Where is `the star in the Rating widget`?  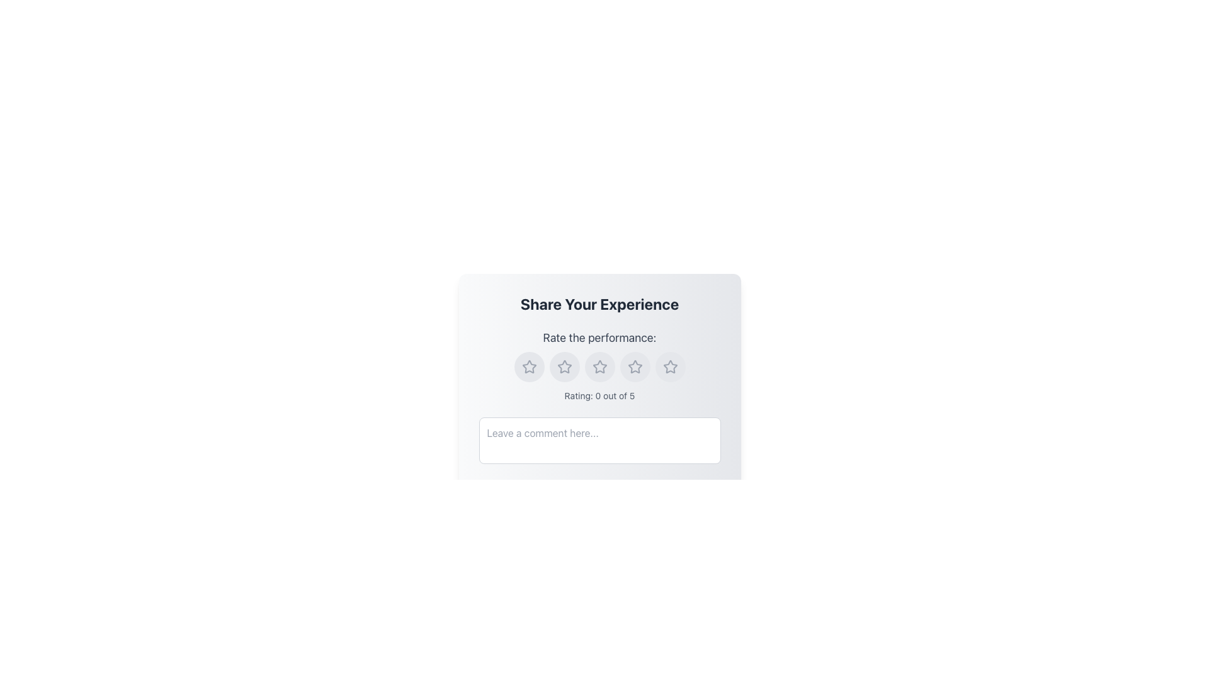 the star in the Rating widget is located at coordinates (599, 366).